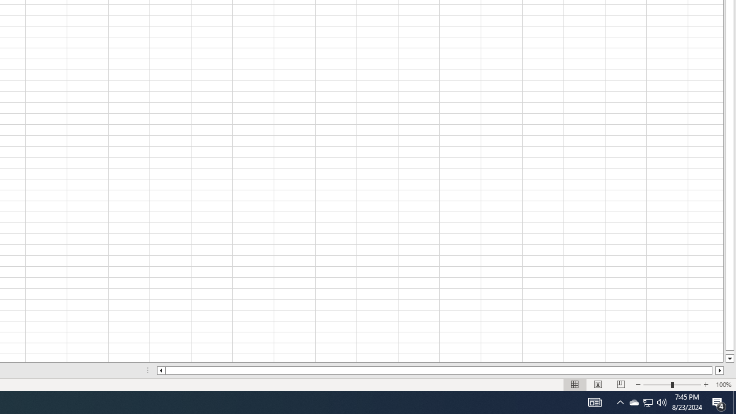  I want to click on 'Column right', so click(719, 370).